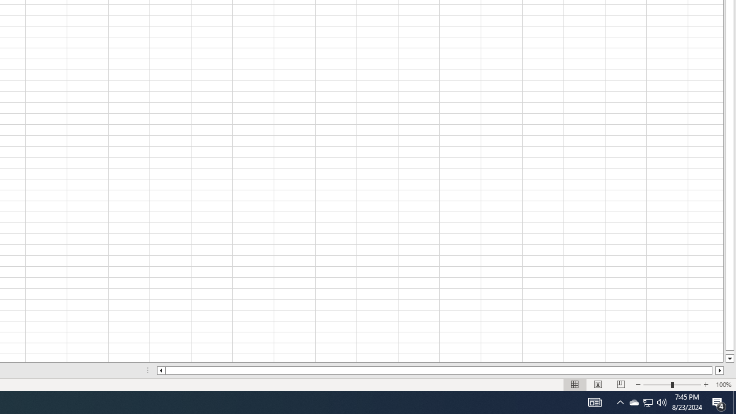  I want to click on 'Column right', so click(719, 370).